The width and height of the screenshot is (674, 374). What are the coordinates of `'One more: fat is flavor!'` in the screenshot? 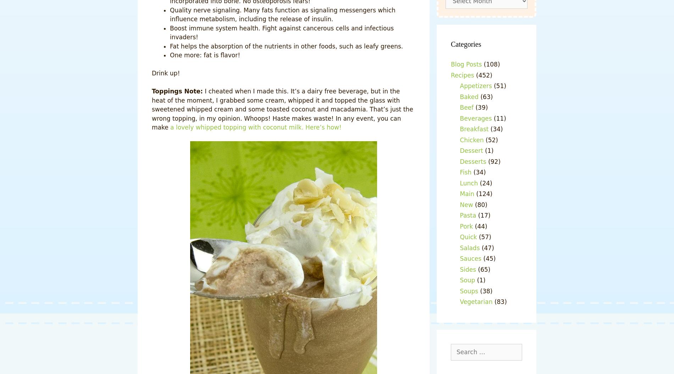 It's located at (205, 55).